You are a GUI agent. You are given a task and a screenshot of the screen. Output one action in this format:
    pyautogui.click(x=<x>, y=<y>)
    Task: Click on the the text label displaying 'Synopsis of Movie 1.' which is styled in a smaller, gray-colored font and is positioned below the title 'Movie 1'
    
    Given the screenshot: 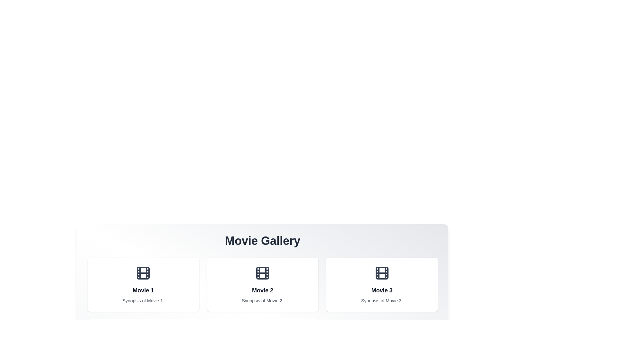 What is the action you would take?
    pyautogui.click(x=143, y=301)
    